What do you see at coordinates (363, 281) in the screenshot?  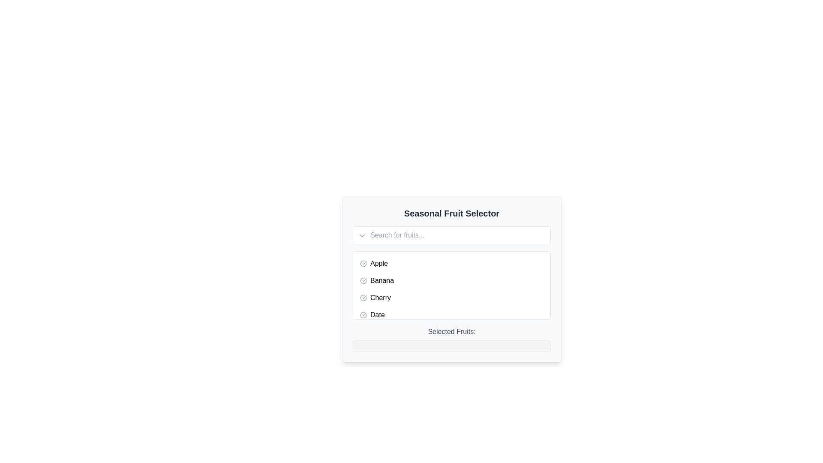 I see `the visual indicator icon for the 'Banana' option in the 'Seasonal Fruit Selector' list, which is the second option in the list` at bounding box center [363, 281].